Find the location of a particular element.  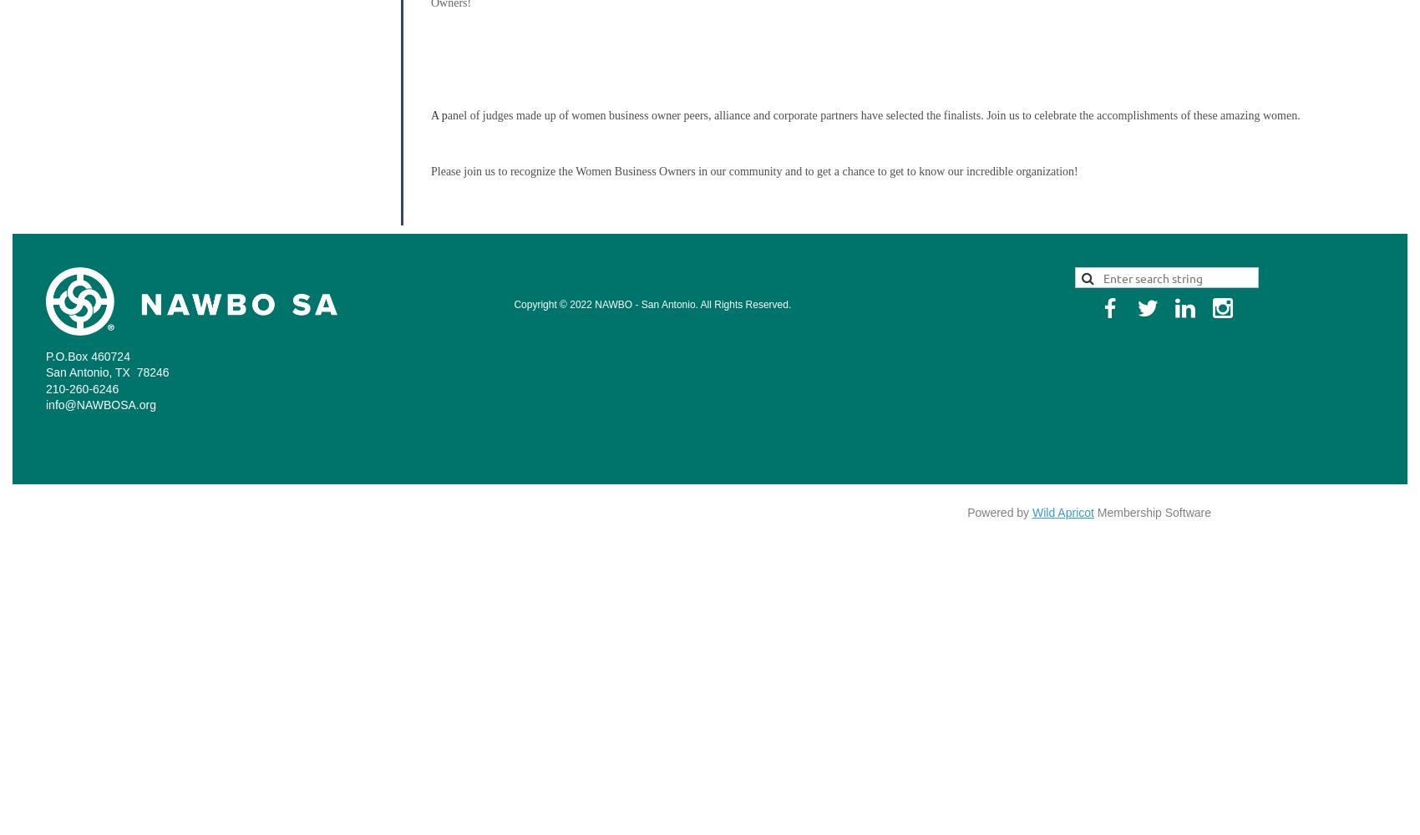

'210-260-6246' is located at coordinates (82, 387).